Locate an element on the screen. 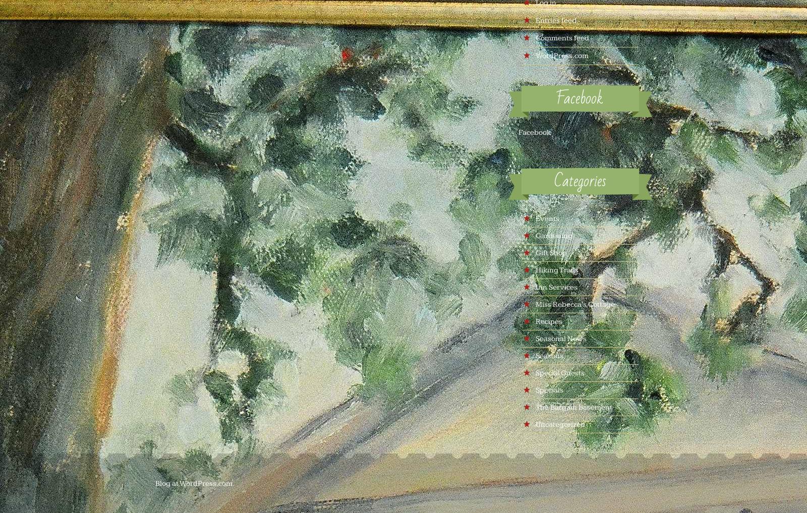  'The Bargain Basement' is located at coordinates (573, 407).